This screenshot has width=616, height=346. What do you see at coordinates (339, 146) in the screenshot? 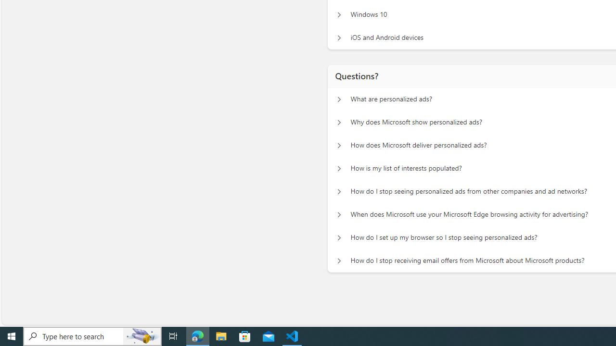
I see `'Questions? How does Microsoft deliver personalized ads?'` at bounding box center [339, 146].